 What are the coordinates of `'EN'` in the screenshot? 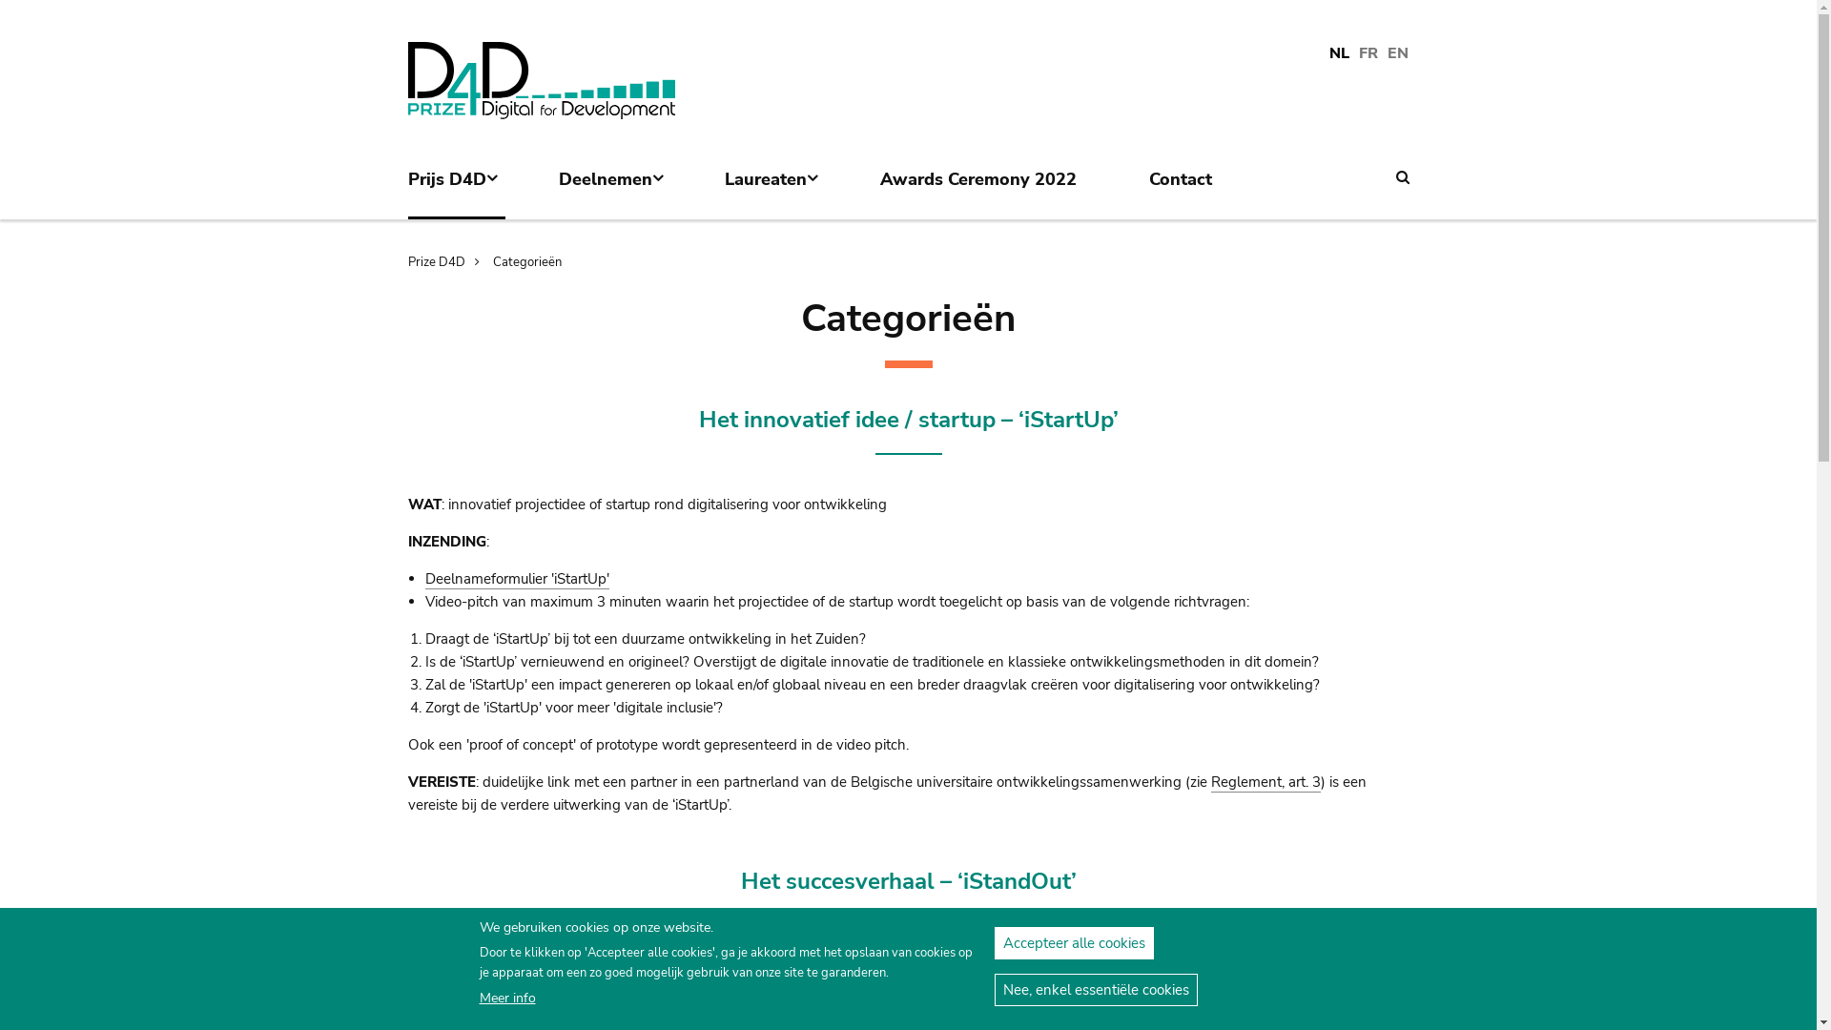 It's located at (1397, 53).